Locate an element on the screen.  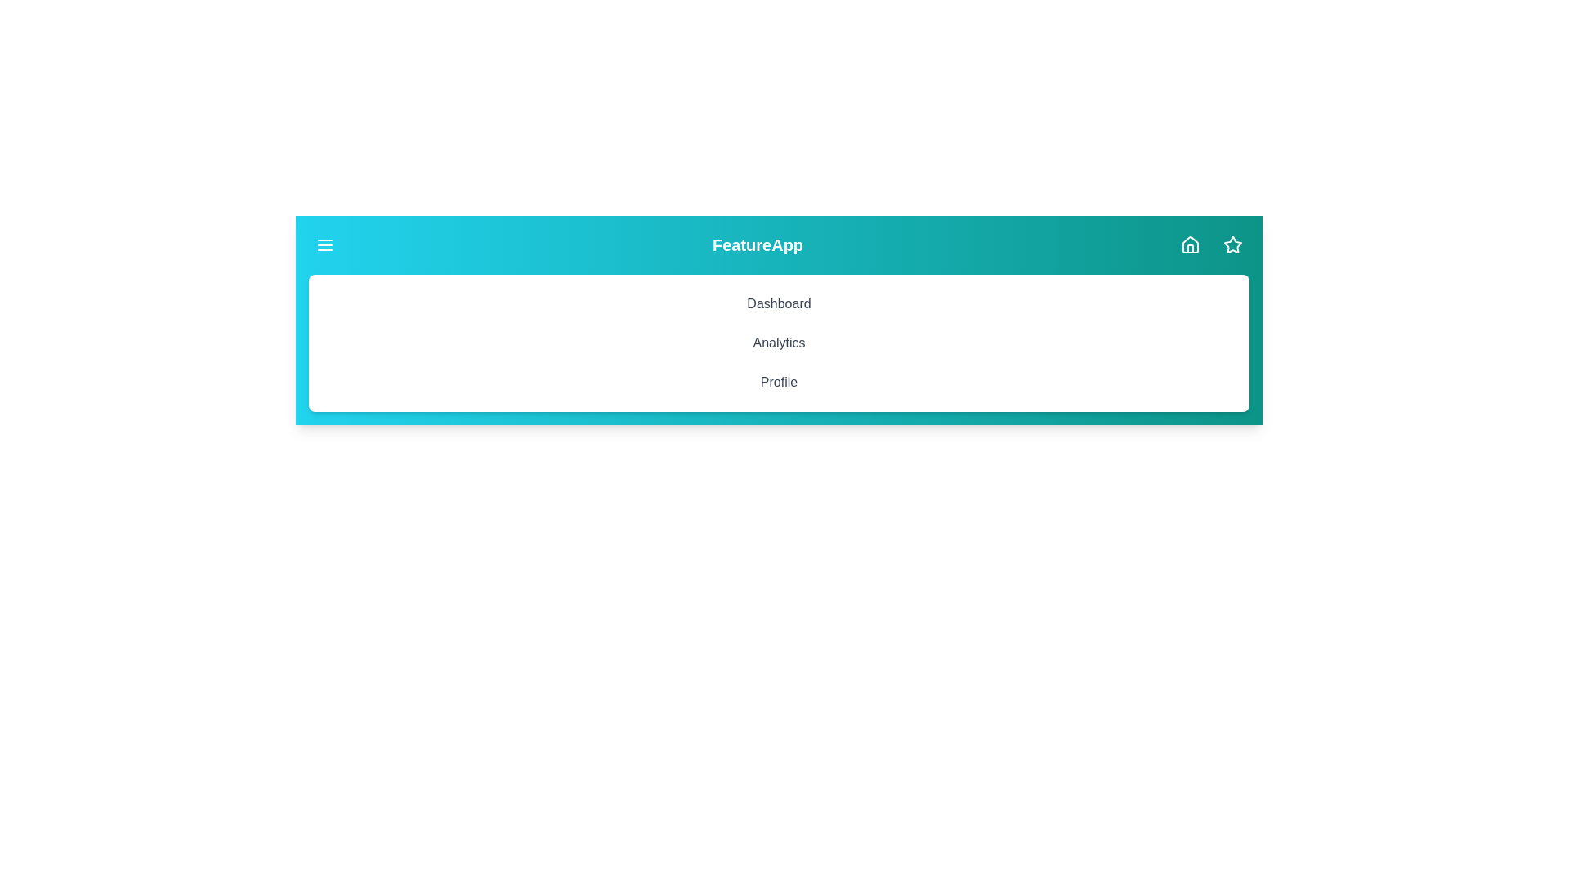
the star icon button located at the top-right corner of the component is located at coordinates (1232, 245).